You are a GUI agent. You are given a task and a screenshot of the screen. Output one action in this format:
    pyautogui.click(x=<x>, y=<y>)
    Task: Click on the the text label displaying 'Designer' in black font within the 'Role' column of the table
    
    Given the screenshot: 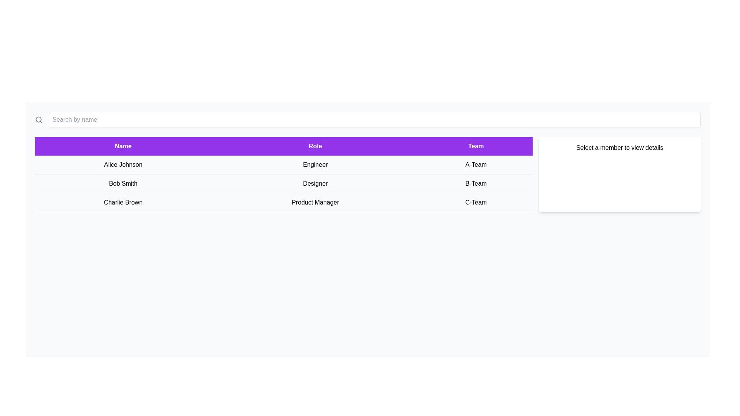 What is the action you would take?
    pyautogui.click(x=315, y=184)
    